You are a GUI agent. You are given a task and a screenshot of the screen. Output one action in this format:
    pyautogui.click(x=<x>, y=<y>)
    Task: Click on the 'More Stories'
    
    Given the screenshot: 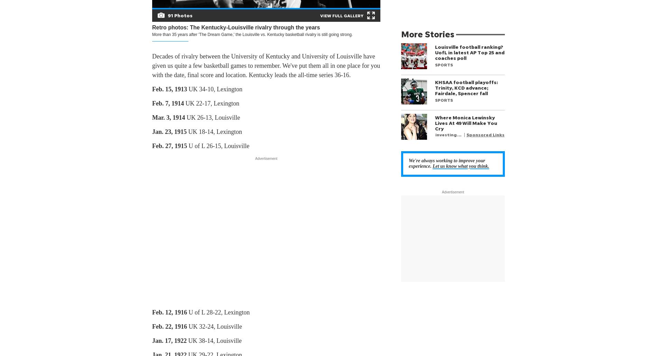 What is the action you would take?
    pyautogui.click(x=401, y=34)
    